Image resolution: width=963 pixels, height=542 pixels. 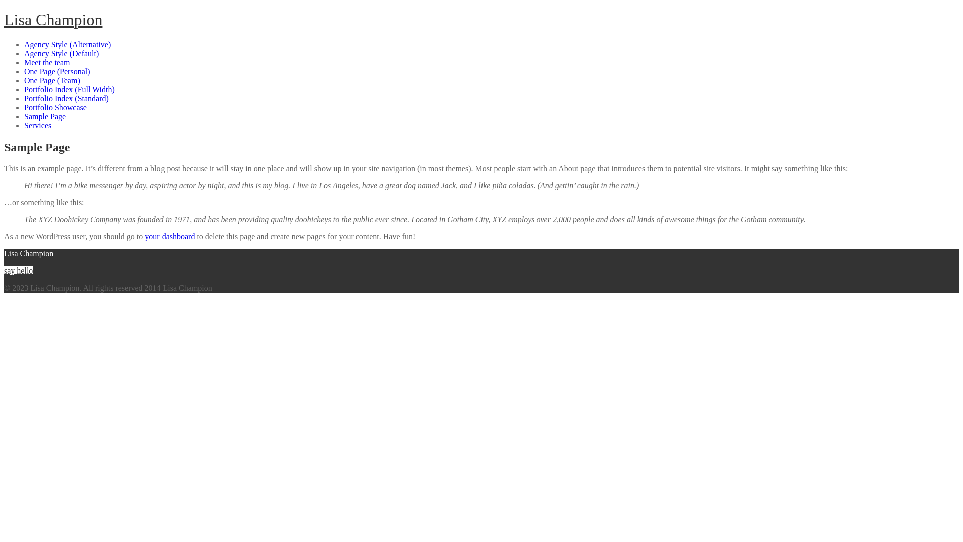 What do you see at coordinates (47, 62) in the screenshot?
I see `'Meet the team'` at bounding box center [47, 62].